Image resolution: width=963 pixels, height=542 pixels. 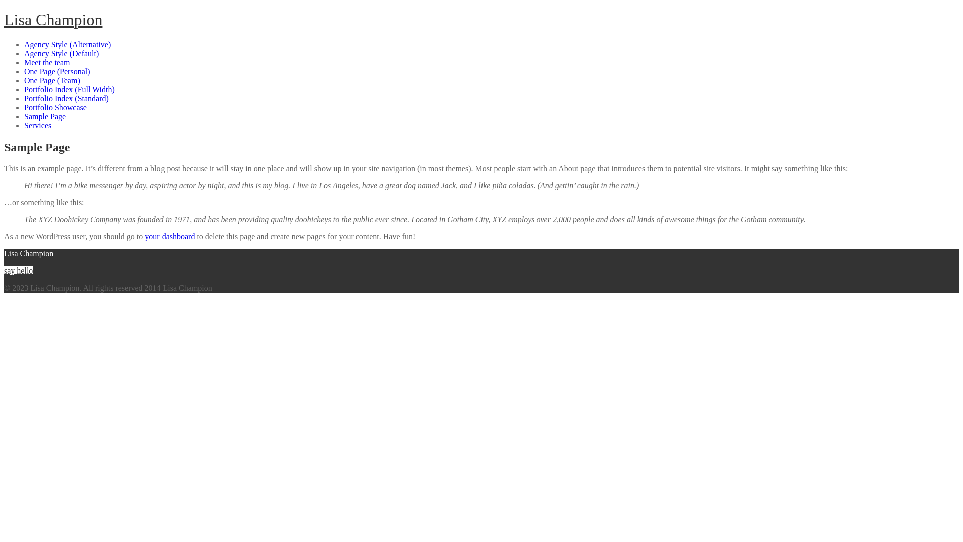 What do you see at coordinates (47, 62) in the screenshot?
I see `'Meet the team'` at bounding box center [47, 62].